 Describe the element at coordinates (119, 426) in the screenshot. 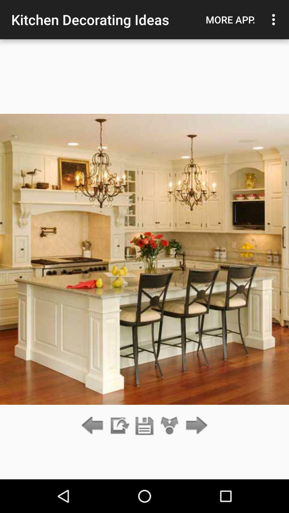

I see `the launch icon` at that location.